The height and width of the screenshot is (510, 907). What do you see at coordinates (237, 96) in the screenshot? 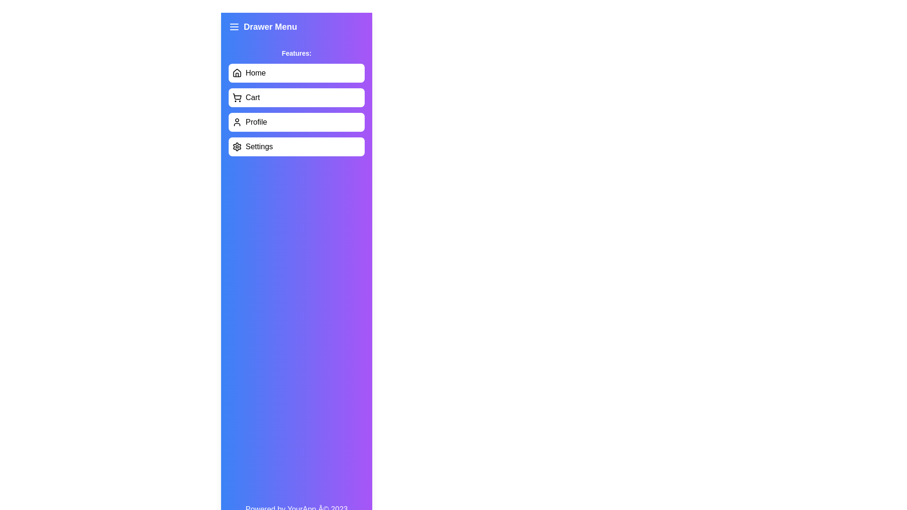
I see `the shopping cart icon located within the 'Cart' menu option to interact with it` at bounding box center [237, 96].